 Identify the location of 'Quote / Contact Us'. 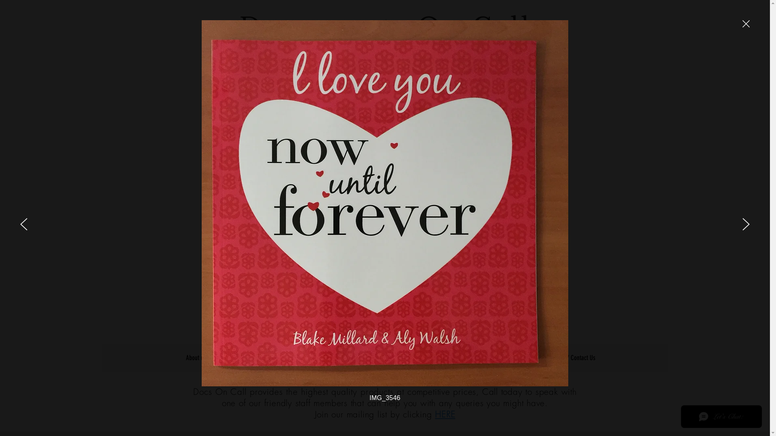
(573, 356).